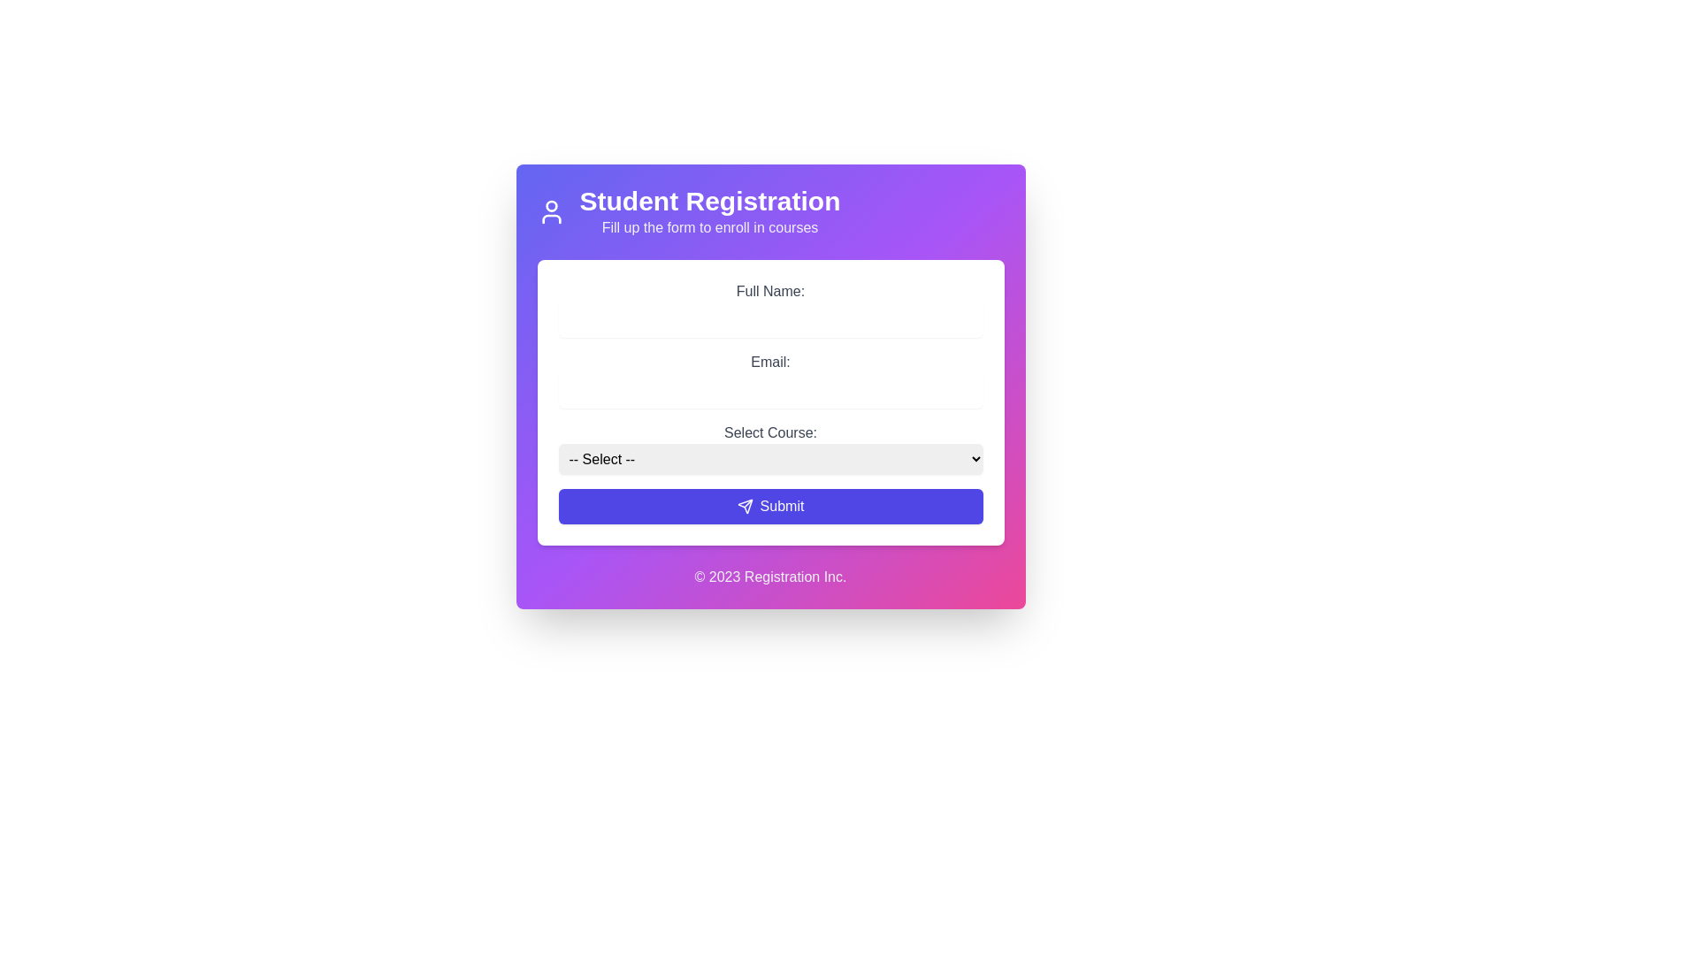 The width and height of the screenshot is (1698, 955). I want to click on the paper airplane icon within the purple 'Submit' button to initiate the action, so click(745, 507).